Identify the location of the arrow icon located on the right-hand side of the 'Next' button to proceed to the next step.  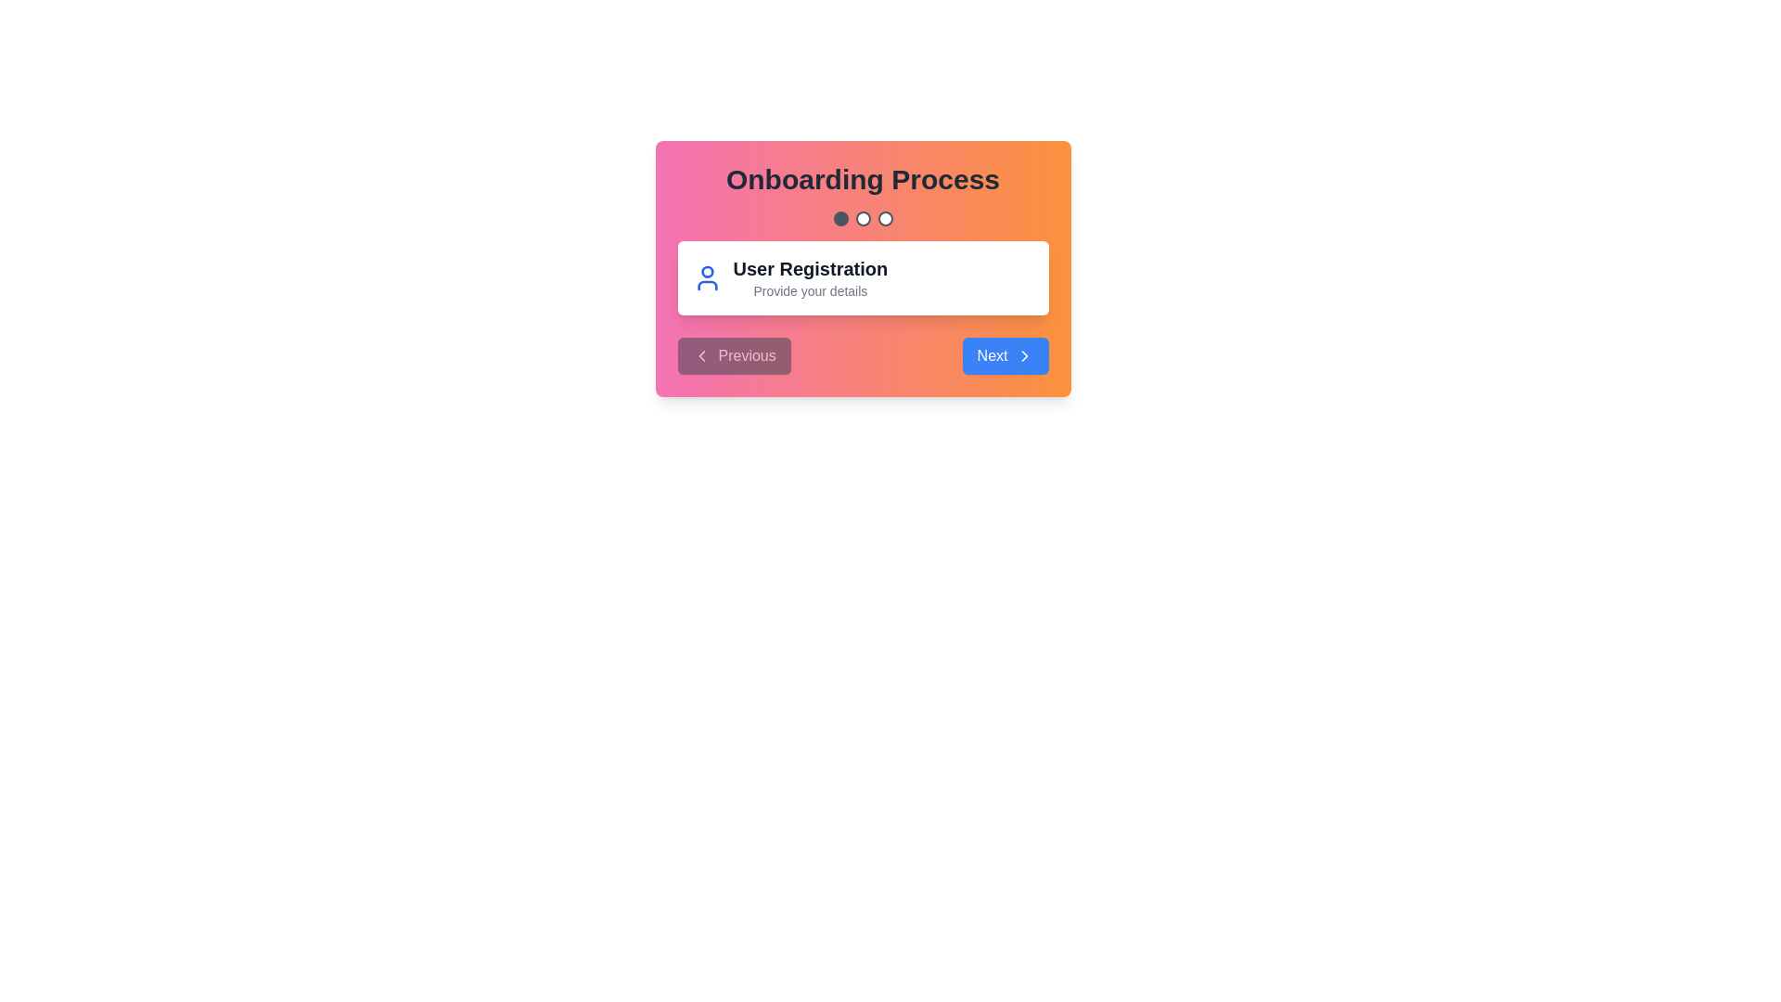
(1023, 356).